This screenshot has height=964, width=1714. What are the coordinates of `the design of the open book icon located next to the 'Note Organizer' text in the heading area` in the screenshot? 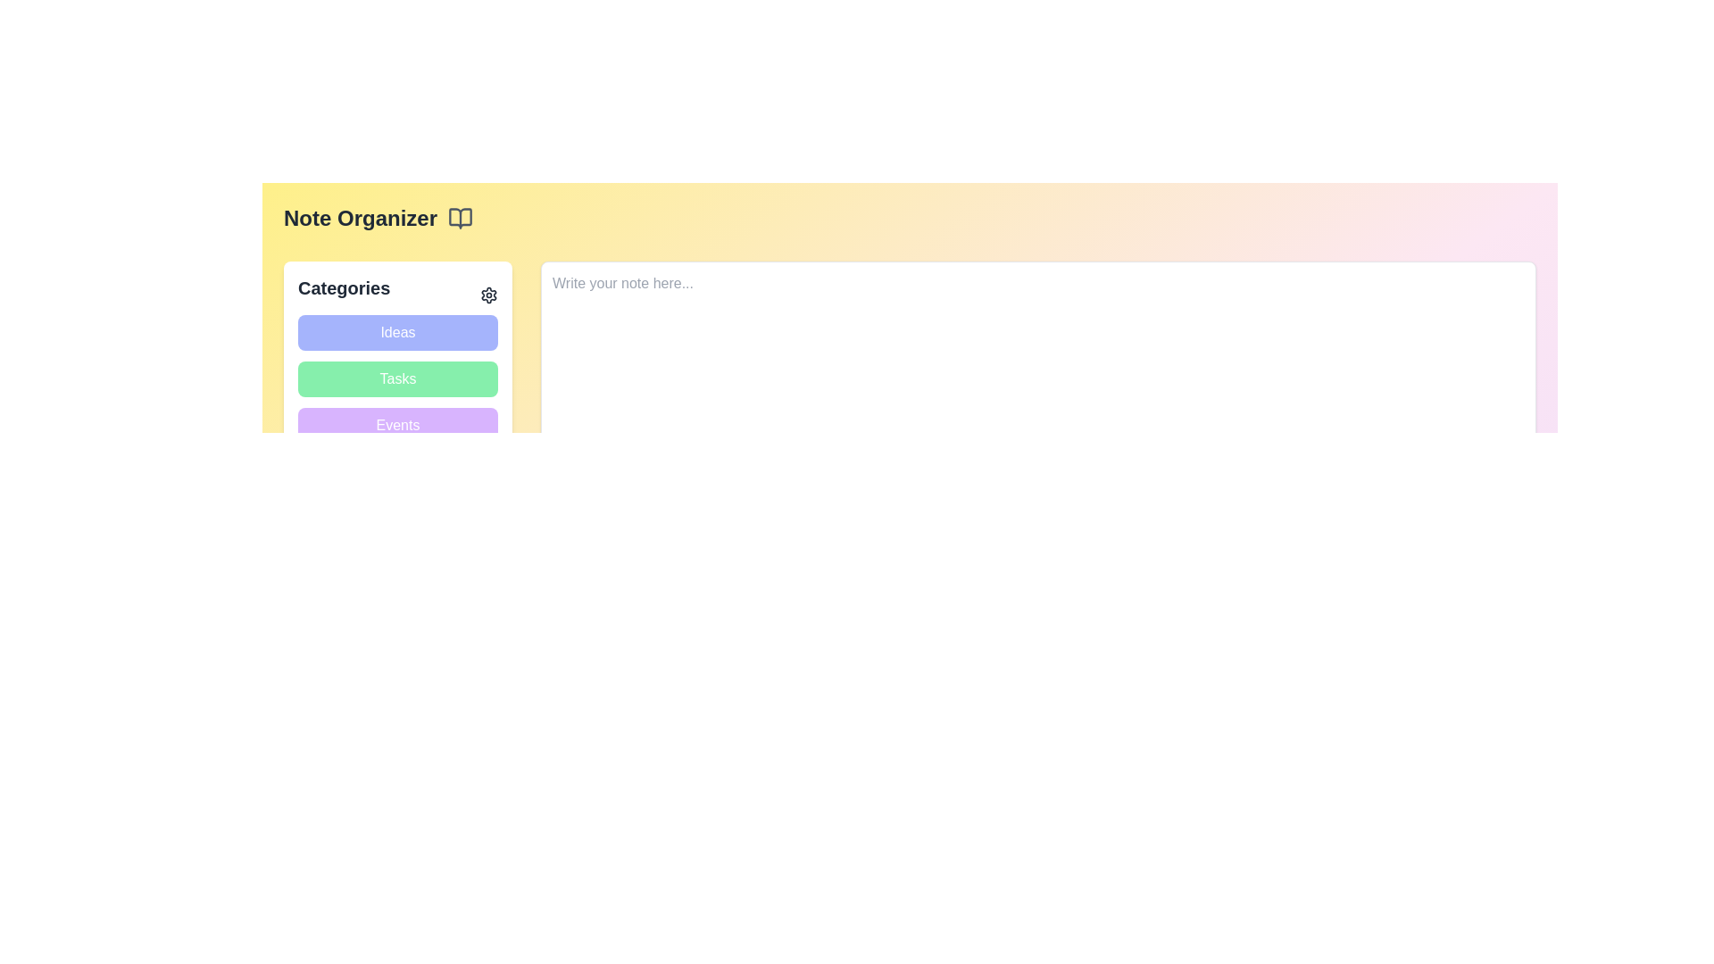 It's located at (461, 218).